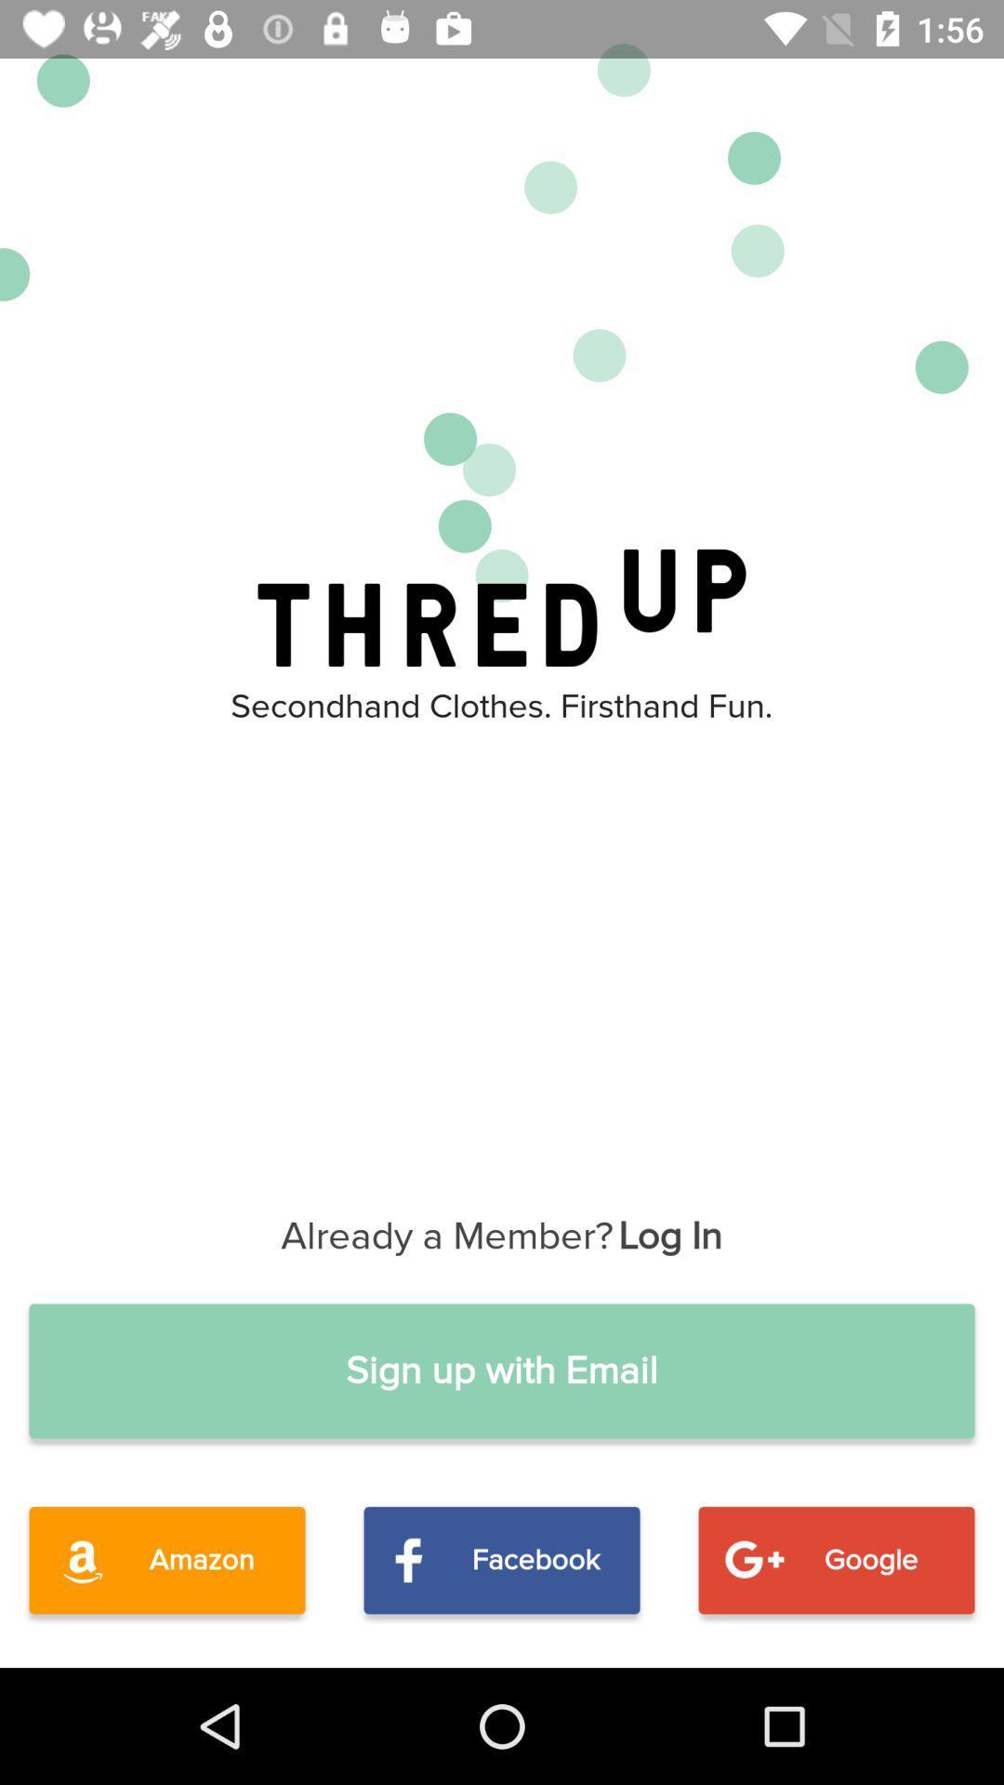 This screenshot has width=1004, height=1785. Describe the element at coordinates (502, 1370) in the screenshot. I see `the sign up with icon` at that location.